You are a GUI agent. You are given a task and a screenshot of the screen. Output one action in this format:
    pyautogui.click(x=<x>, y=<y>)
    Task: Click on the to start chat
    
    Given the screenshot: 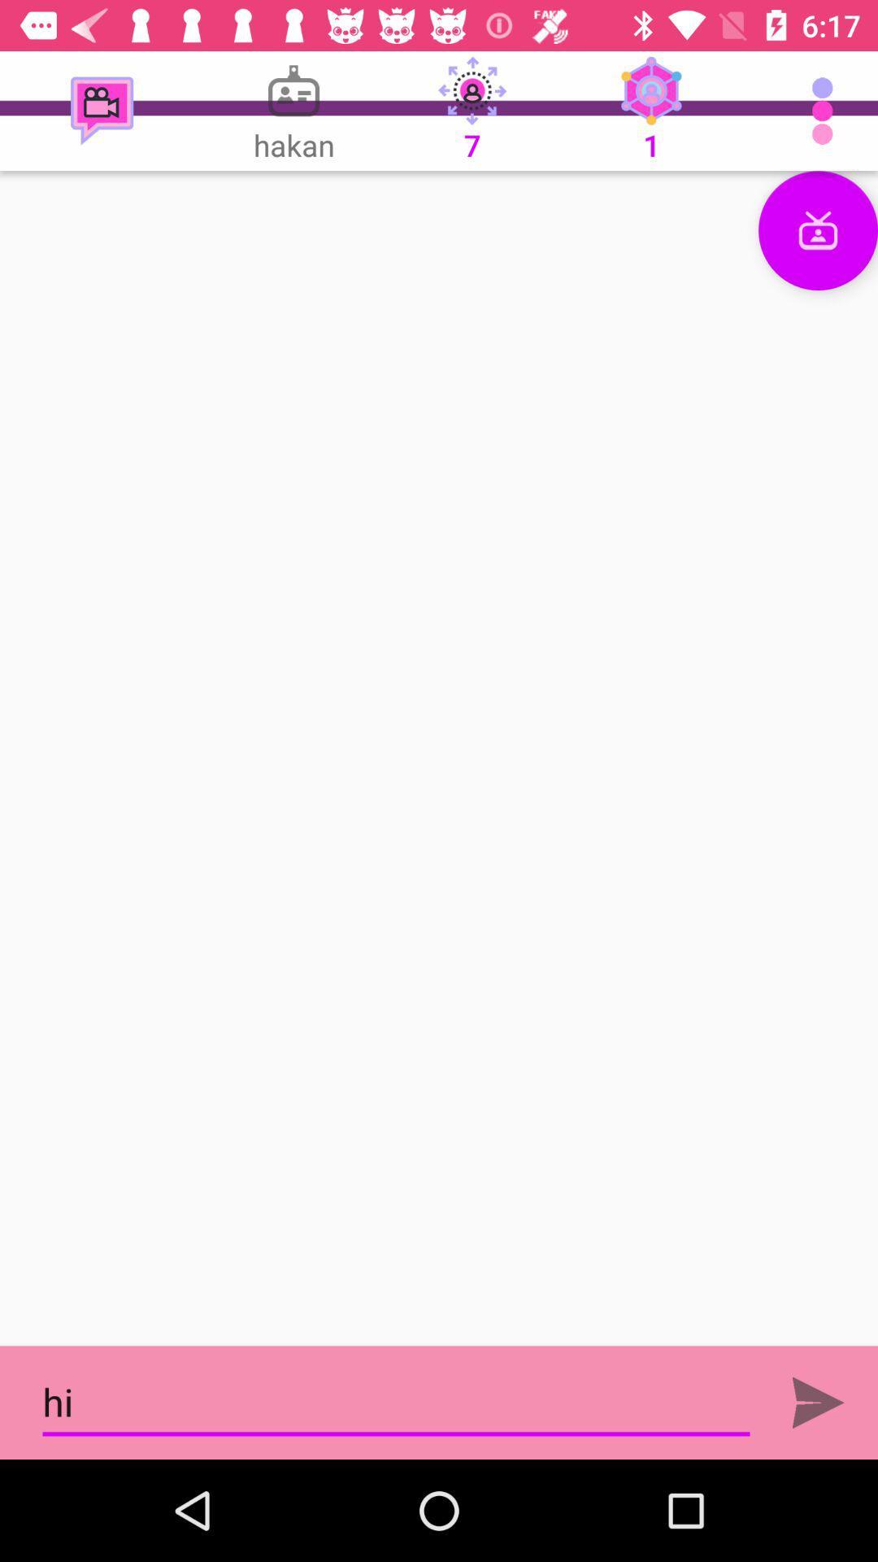 What is the action you would take?
    pyautogui.click(x=439, y=757)
    